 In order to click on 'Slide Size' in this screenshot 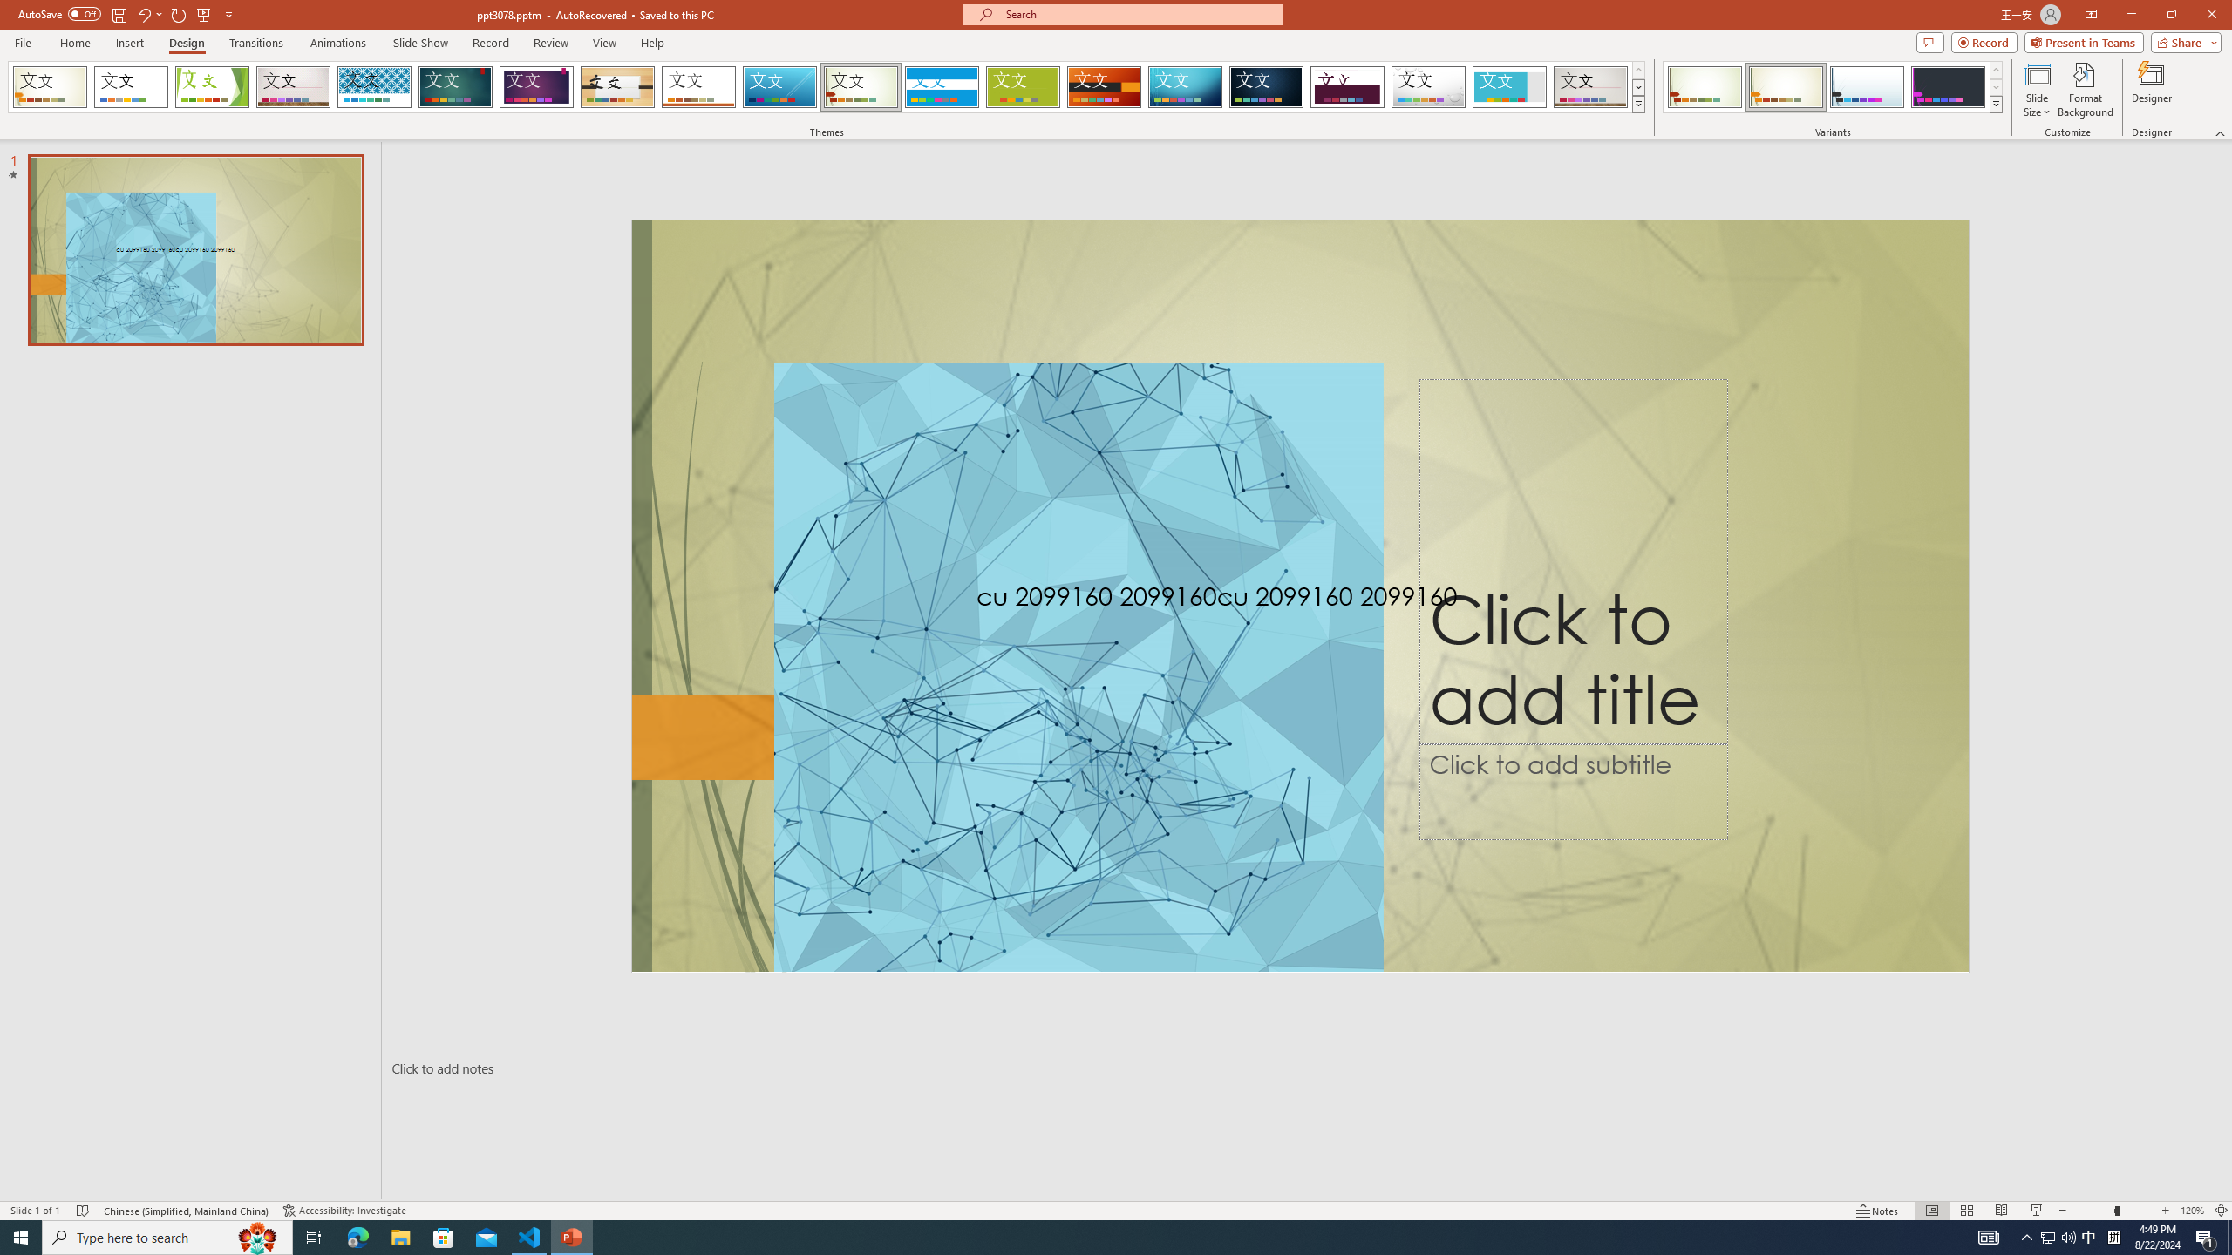, I will do `click(2037, 90)`.